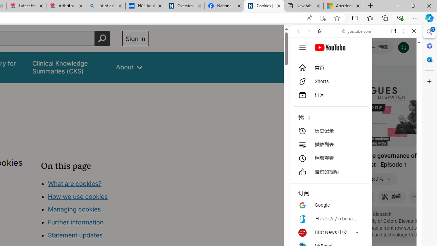  What do you see at coordinates (357, 31) in the screenshot?
I see `'youtube.com'` at bounding box center [357, 31].